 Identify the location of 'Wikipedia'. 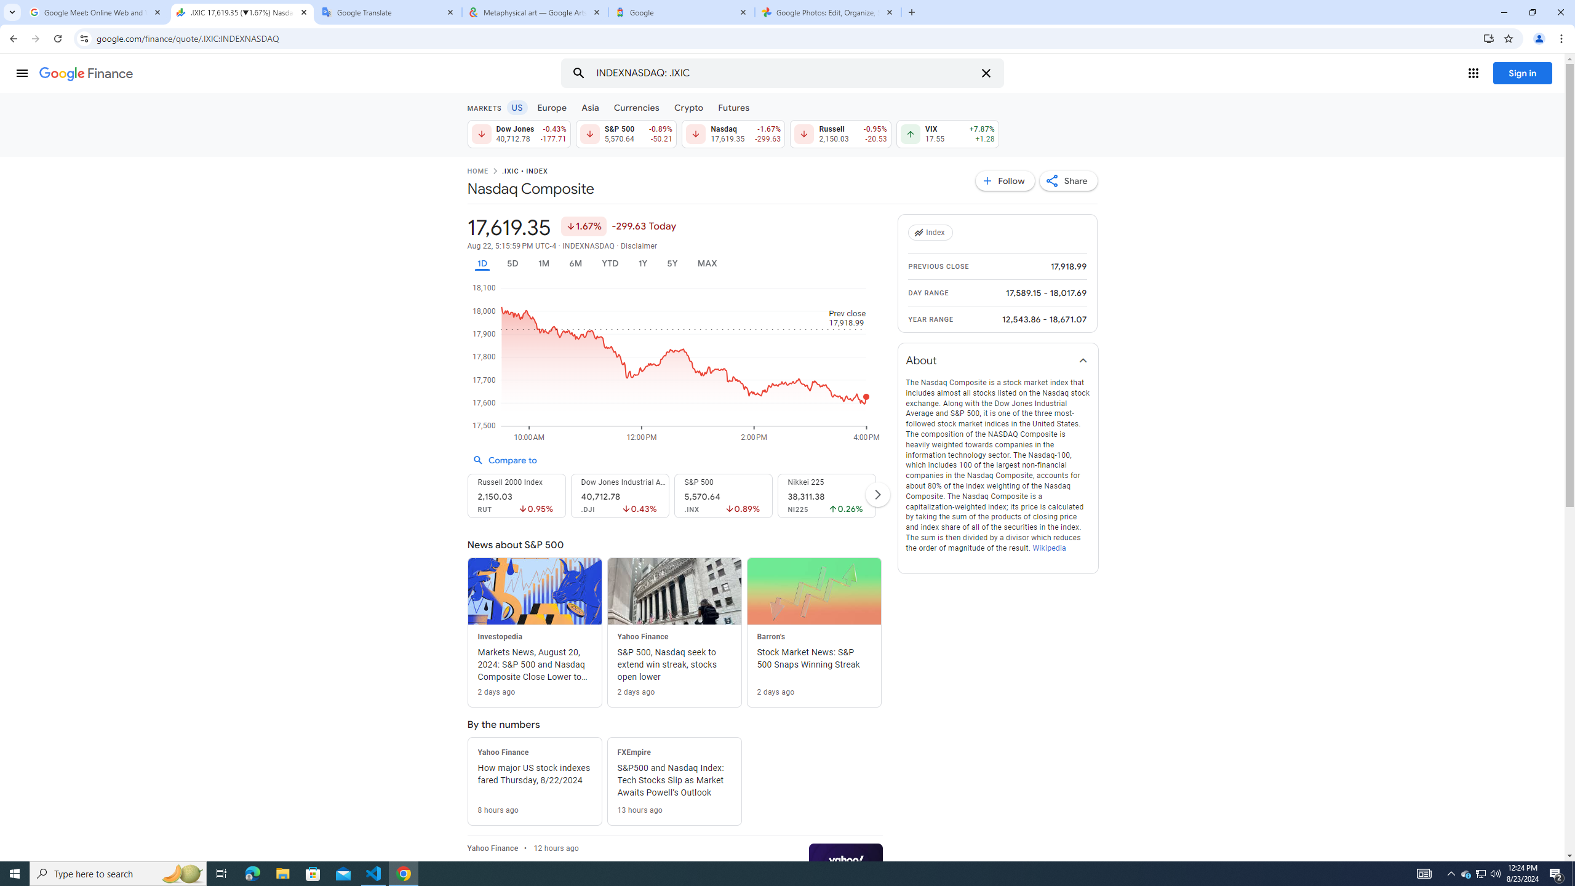
(1048, 547).